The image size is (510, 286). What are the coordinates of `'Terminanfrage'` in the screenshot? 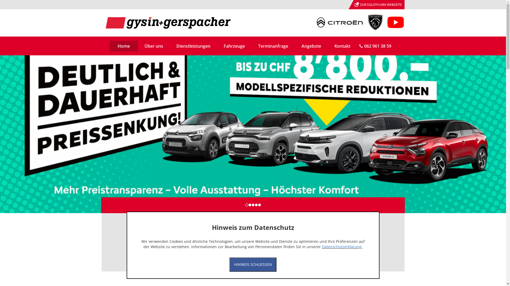 It's located at (251, 46).